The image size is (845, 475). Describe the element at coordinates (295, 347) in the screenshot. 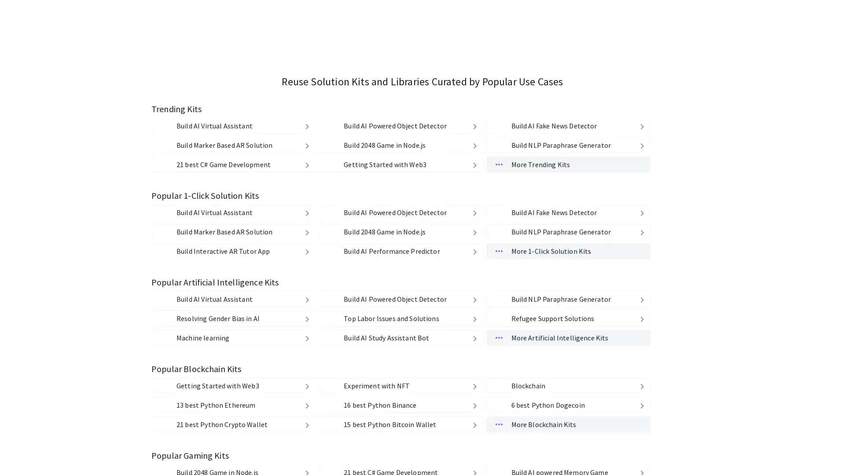

I see `delete` at that location.